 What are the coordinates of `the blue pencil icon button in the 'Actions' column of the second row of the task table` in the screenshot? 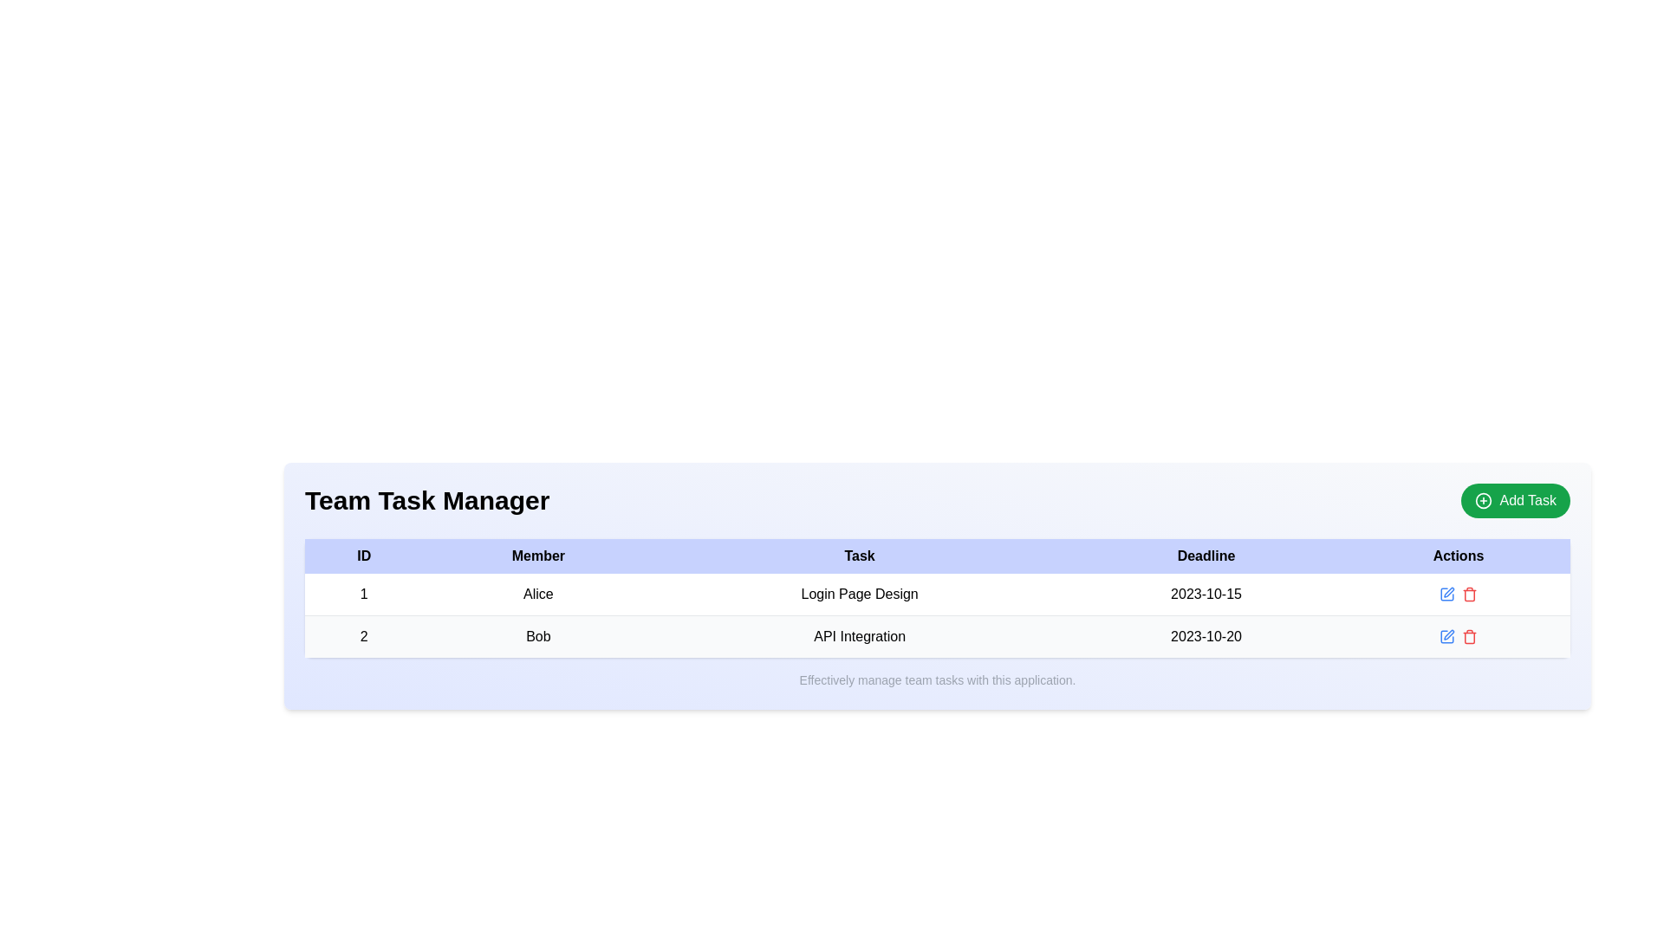 It's located at (1447, 637).